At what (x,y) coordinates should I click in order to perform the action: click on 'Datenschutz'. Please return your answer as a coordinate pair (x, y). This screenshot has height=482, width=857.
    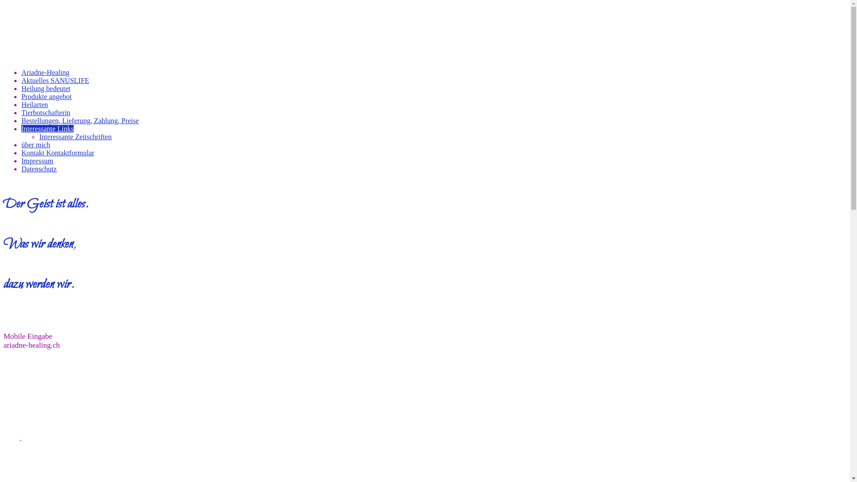
    Looking at the image, I should click on (38, 169).